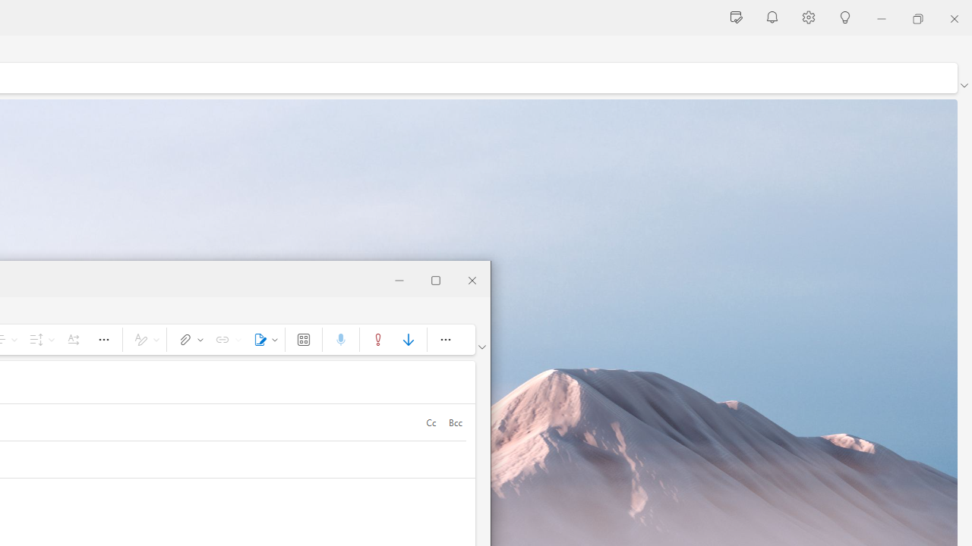 This screenshot has height=546, width=972. Describe the element at coordinates (435, 278) in the screenshot. I see `'Maximize'` at that location.